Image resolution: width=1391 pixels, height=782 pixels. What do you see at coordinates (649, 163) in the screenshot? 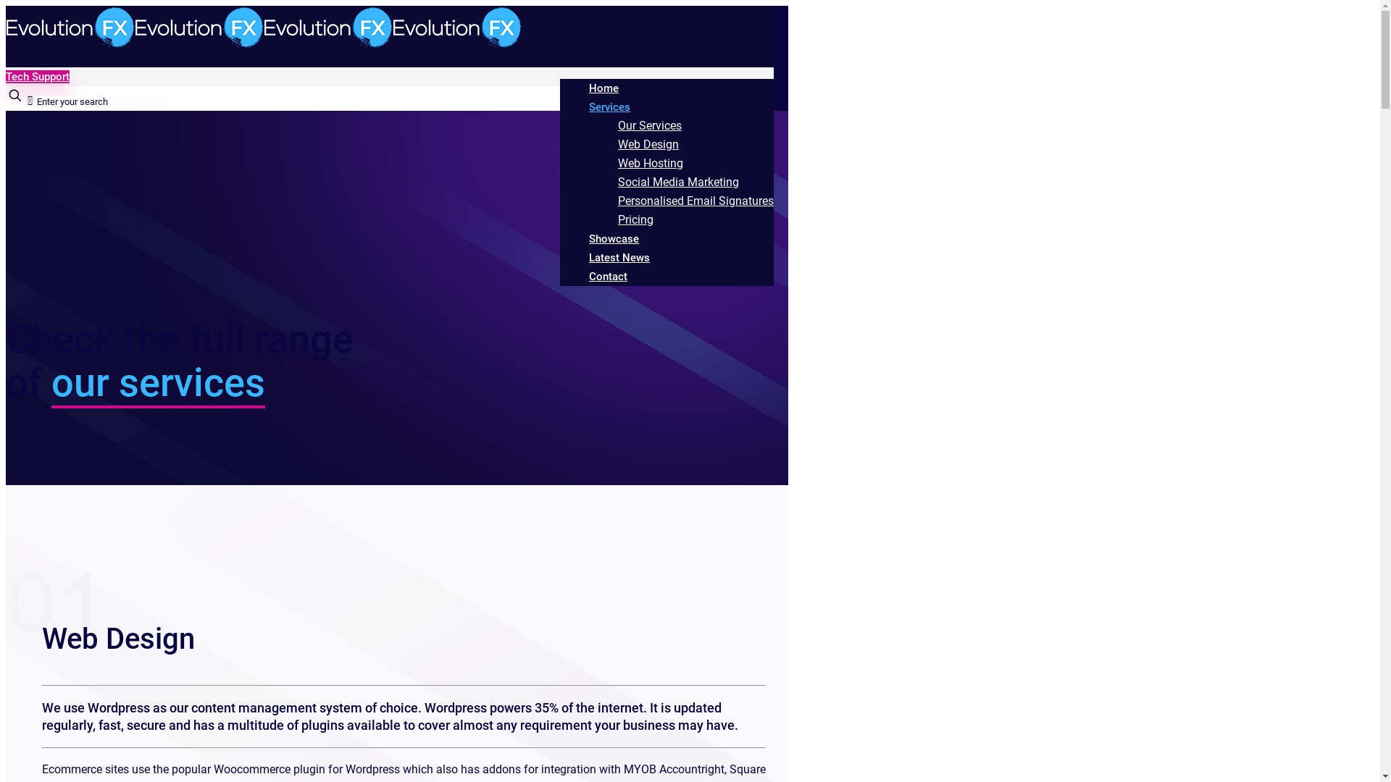
I see `'Web Hosting'` at bounding box center [649, 163].